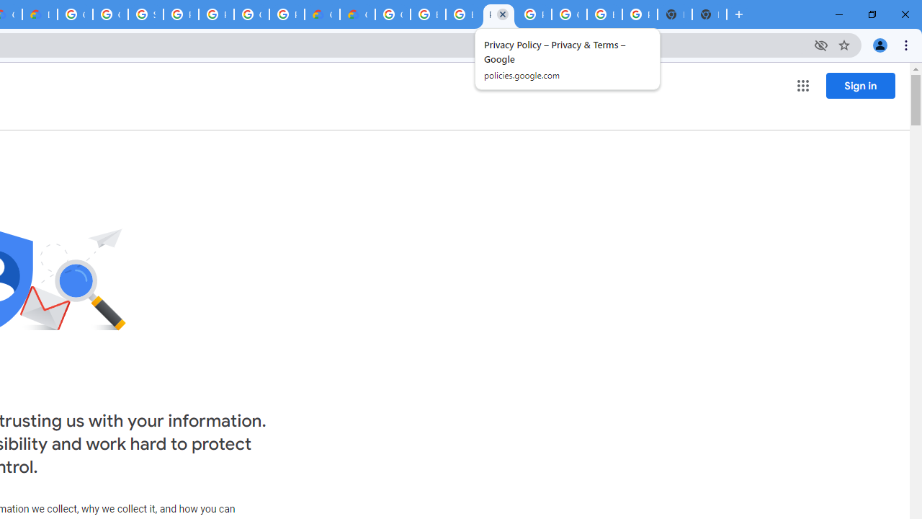 The image size is (922, 519). What do you see at coordinates (427, 14) in the screenshot?
I see `'Browse Chrome as a guest - Computer - Google Chrome Help'` at bounding box center [427, 14].